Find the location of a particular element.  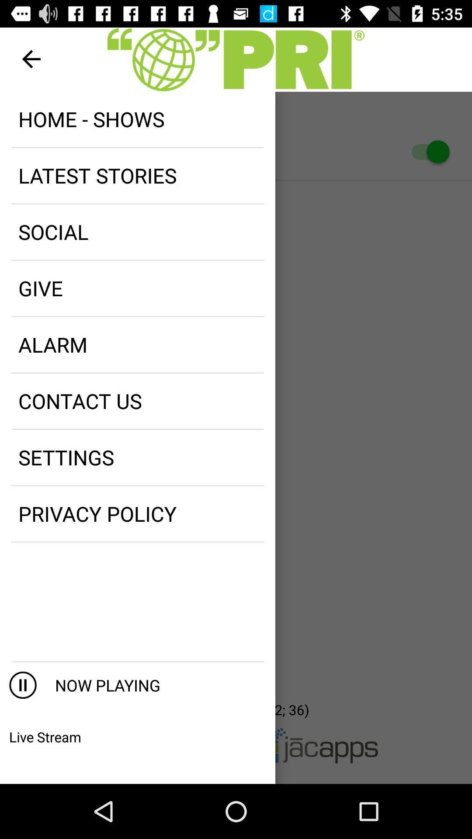

now playing is located at coordinates (156, 685).